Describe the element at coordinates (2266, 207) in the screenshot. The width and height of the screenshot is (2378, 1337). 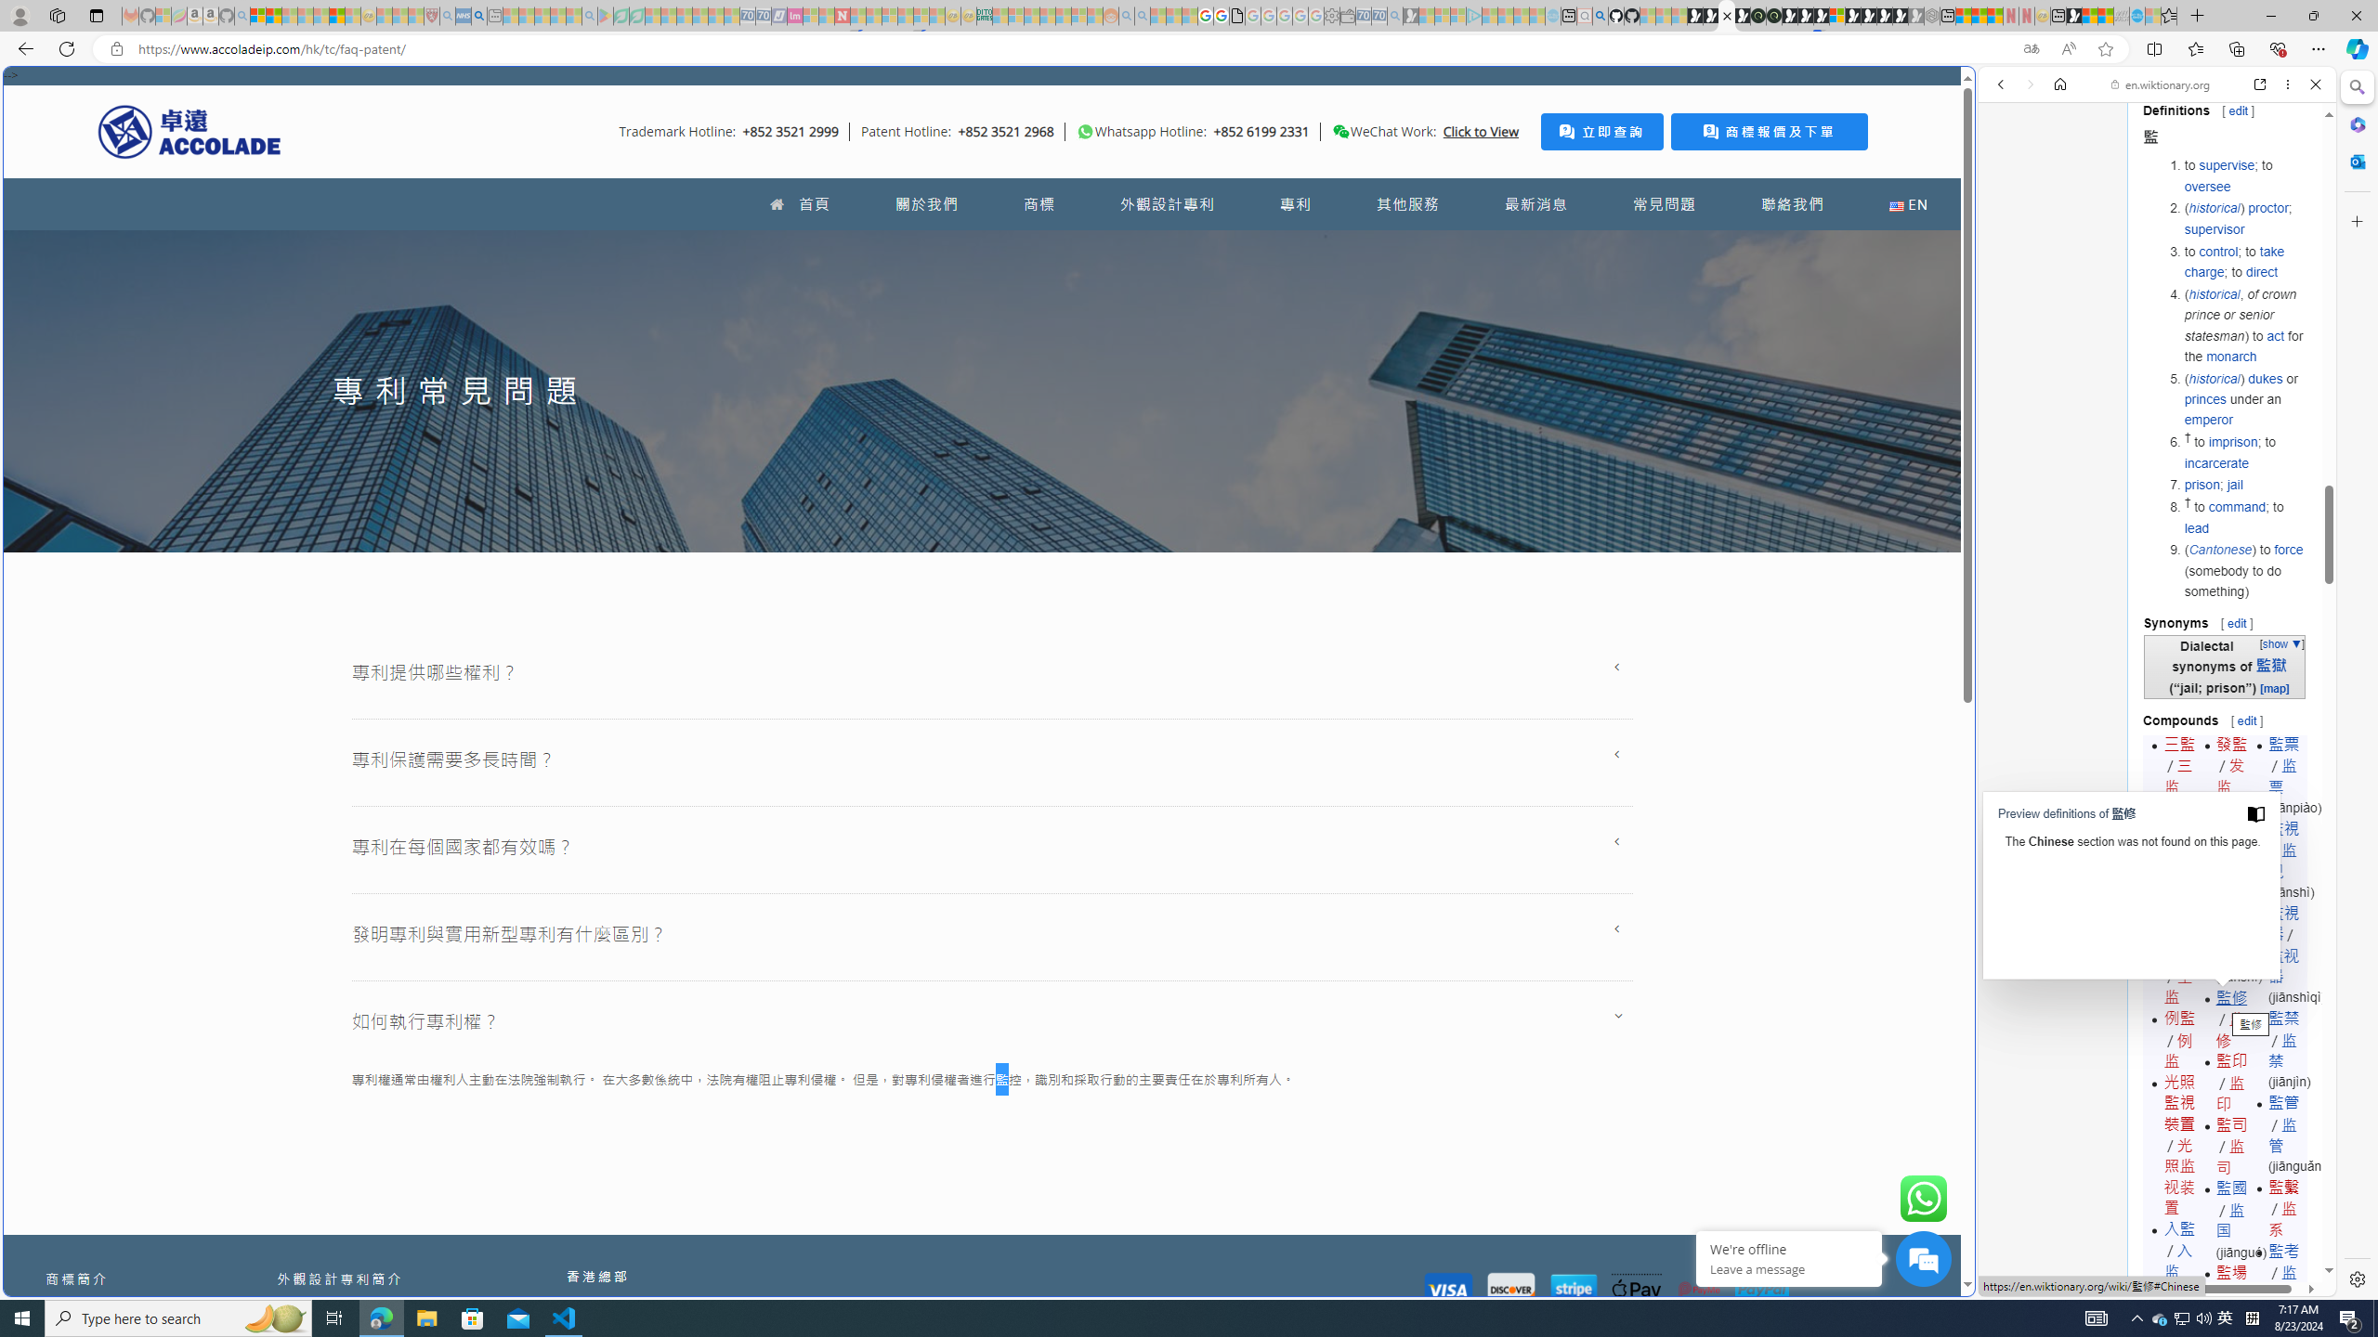
I see `'proctor'` at that location.